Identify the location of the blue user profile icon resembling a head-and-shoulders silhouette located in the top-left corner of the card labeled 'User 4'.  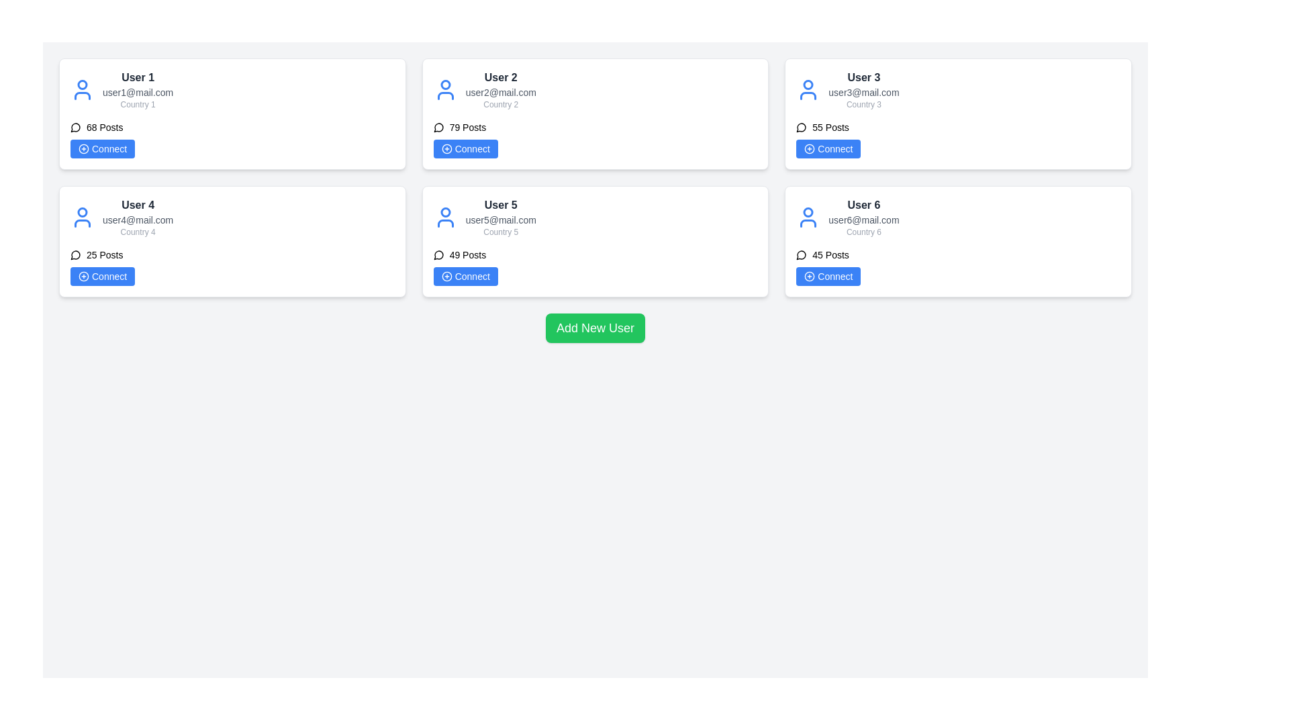
(82, 217).